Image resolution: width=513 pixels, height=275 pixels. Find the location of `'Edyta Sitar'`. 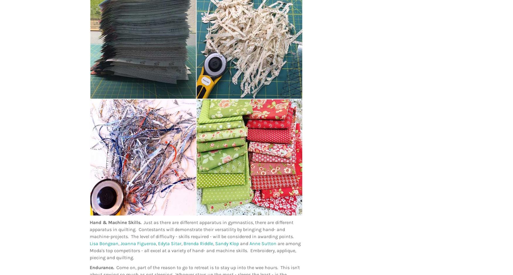

'Edyta Sitar' is located at coordinates (170, 243).